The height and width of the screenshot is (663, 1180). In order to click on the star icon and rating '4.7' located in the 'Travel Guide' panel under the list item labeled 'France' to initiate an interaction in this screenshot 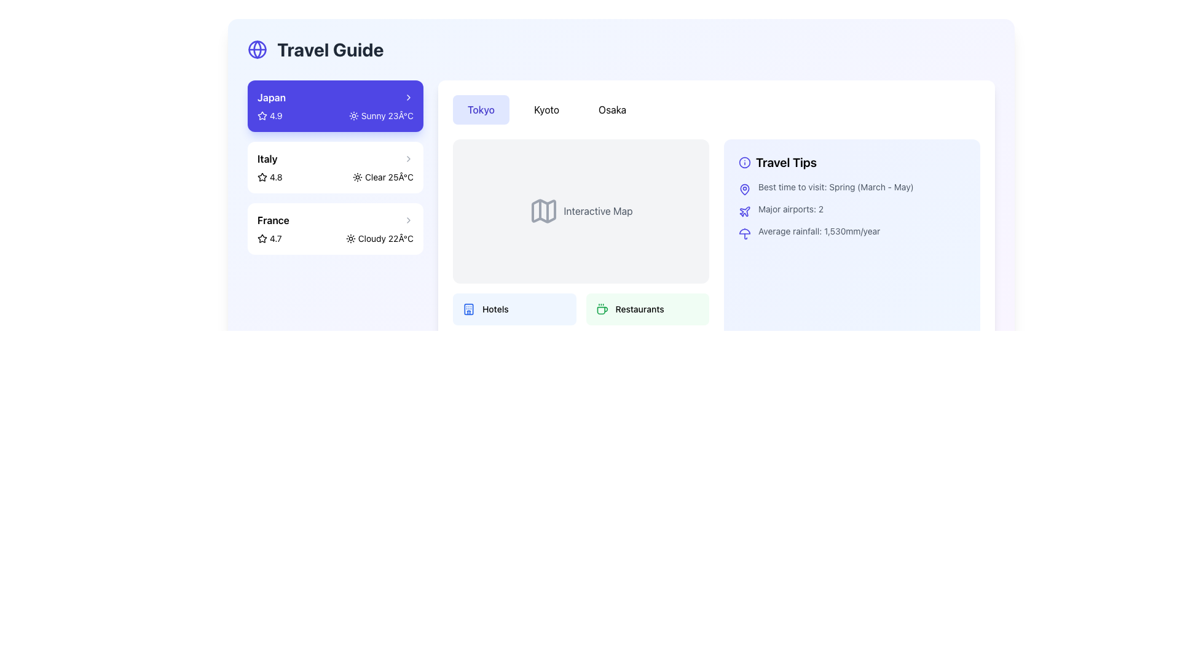, I will do `click(269, 239)`.